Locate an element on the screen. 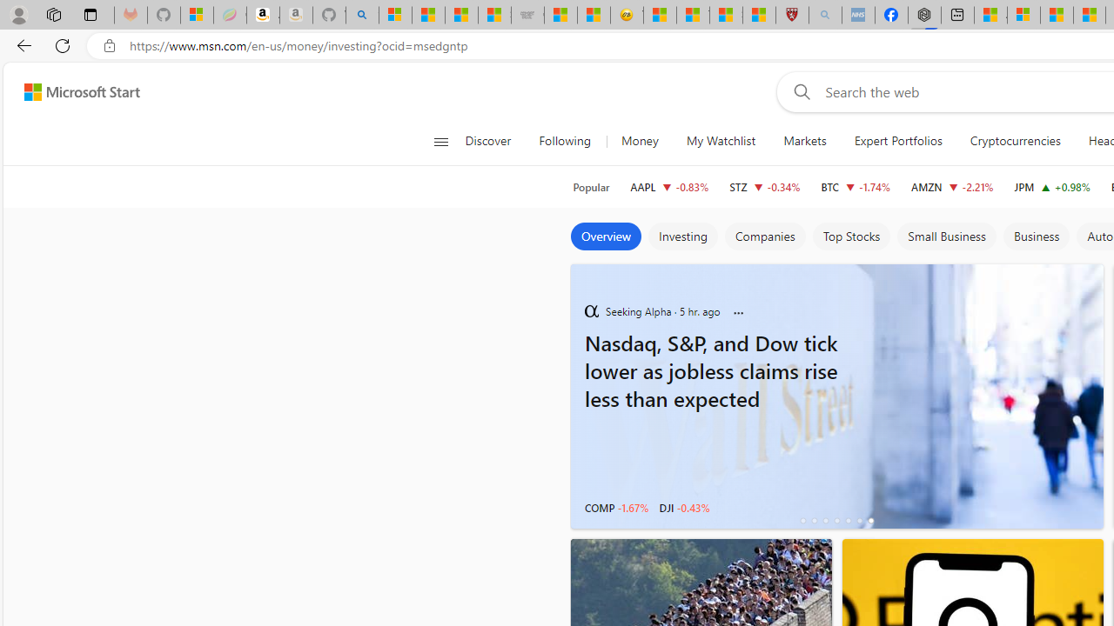  'My Watchlist' is located at coordinates (721, 141).